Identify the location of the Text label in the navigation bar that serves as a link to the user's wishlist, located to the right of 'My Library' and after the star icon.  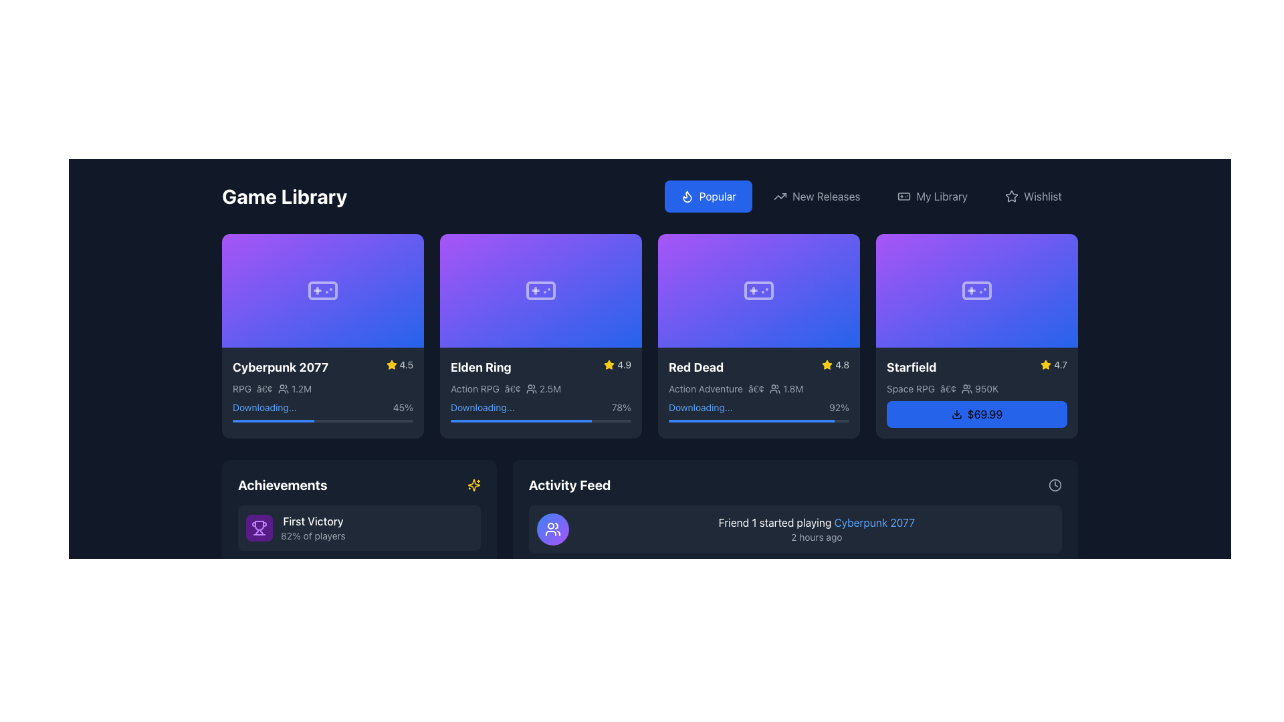
(1042, 196).